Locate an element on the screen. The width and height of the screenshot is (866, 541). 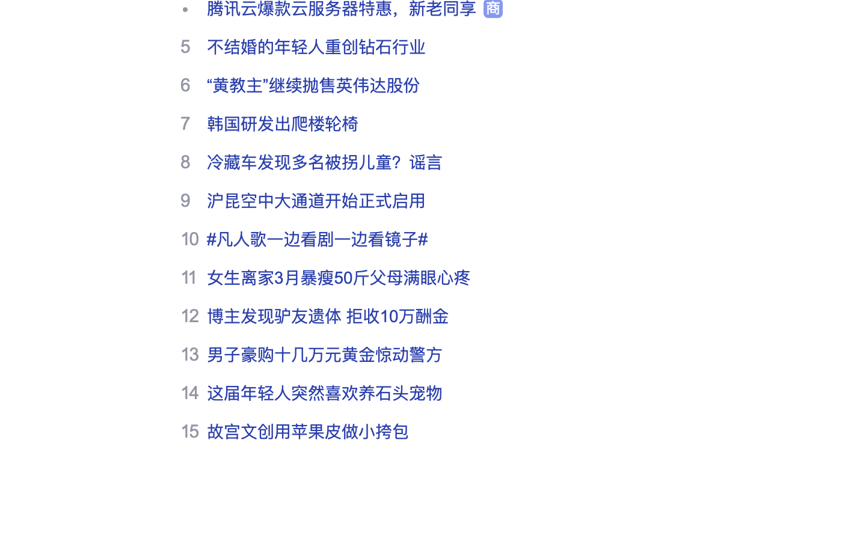
'这届年轻人突然喜欢养石头宠物' is located at coordinates (324, 393).